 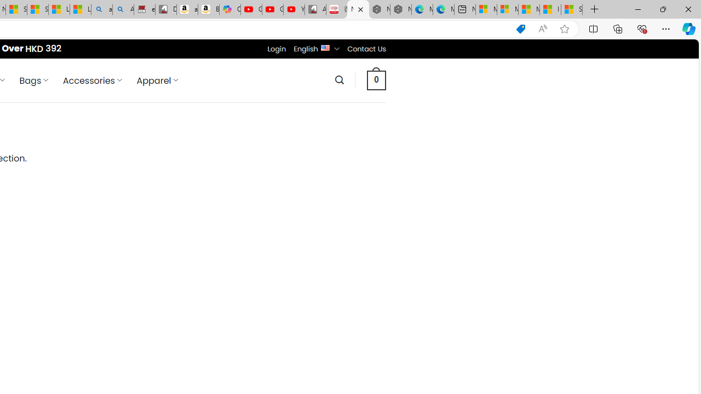 I want to click on 'English', so click(x=324, y=47).